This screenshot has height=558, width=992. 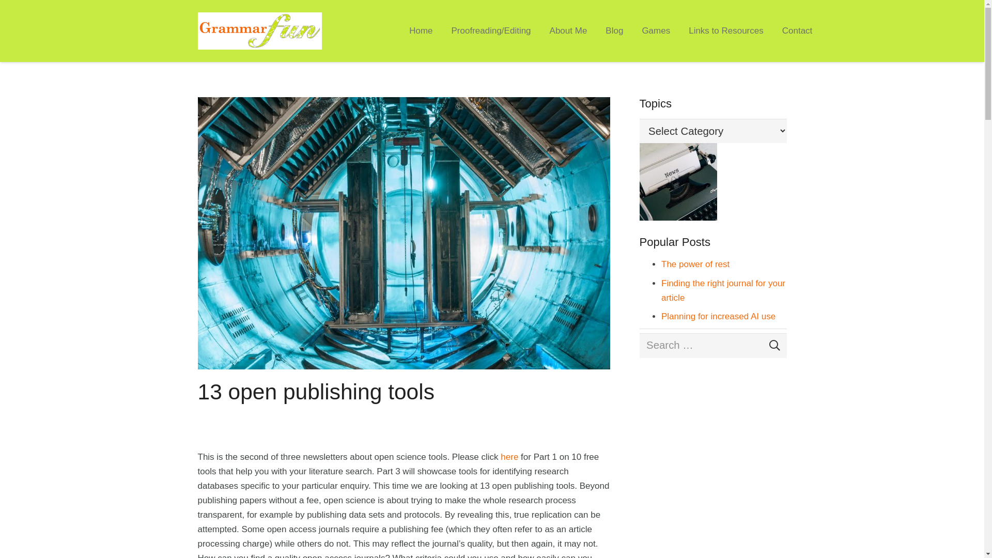 What do you see at coordinates (679, 30) in the screenshot?
I see `'Links to Resources'` at bounding box center [679, 30].